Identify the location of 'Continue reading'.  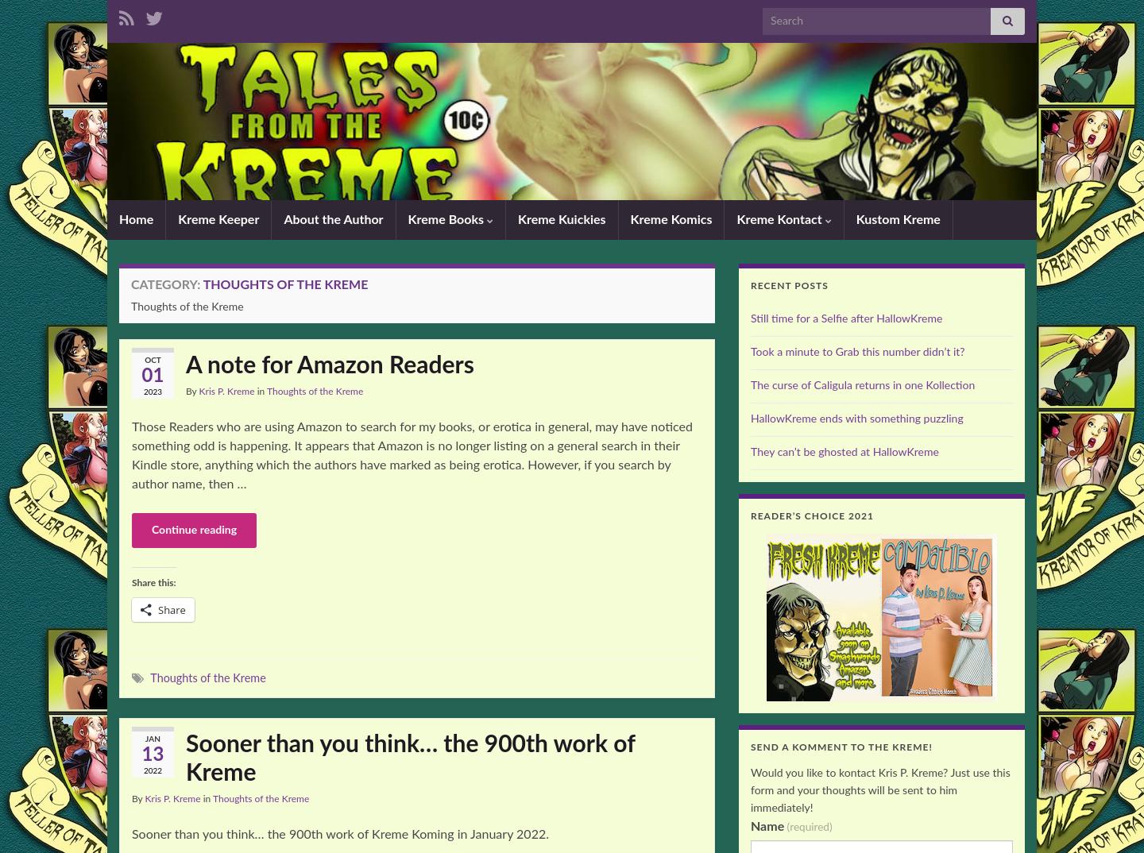
(193, 528).